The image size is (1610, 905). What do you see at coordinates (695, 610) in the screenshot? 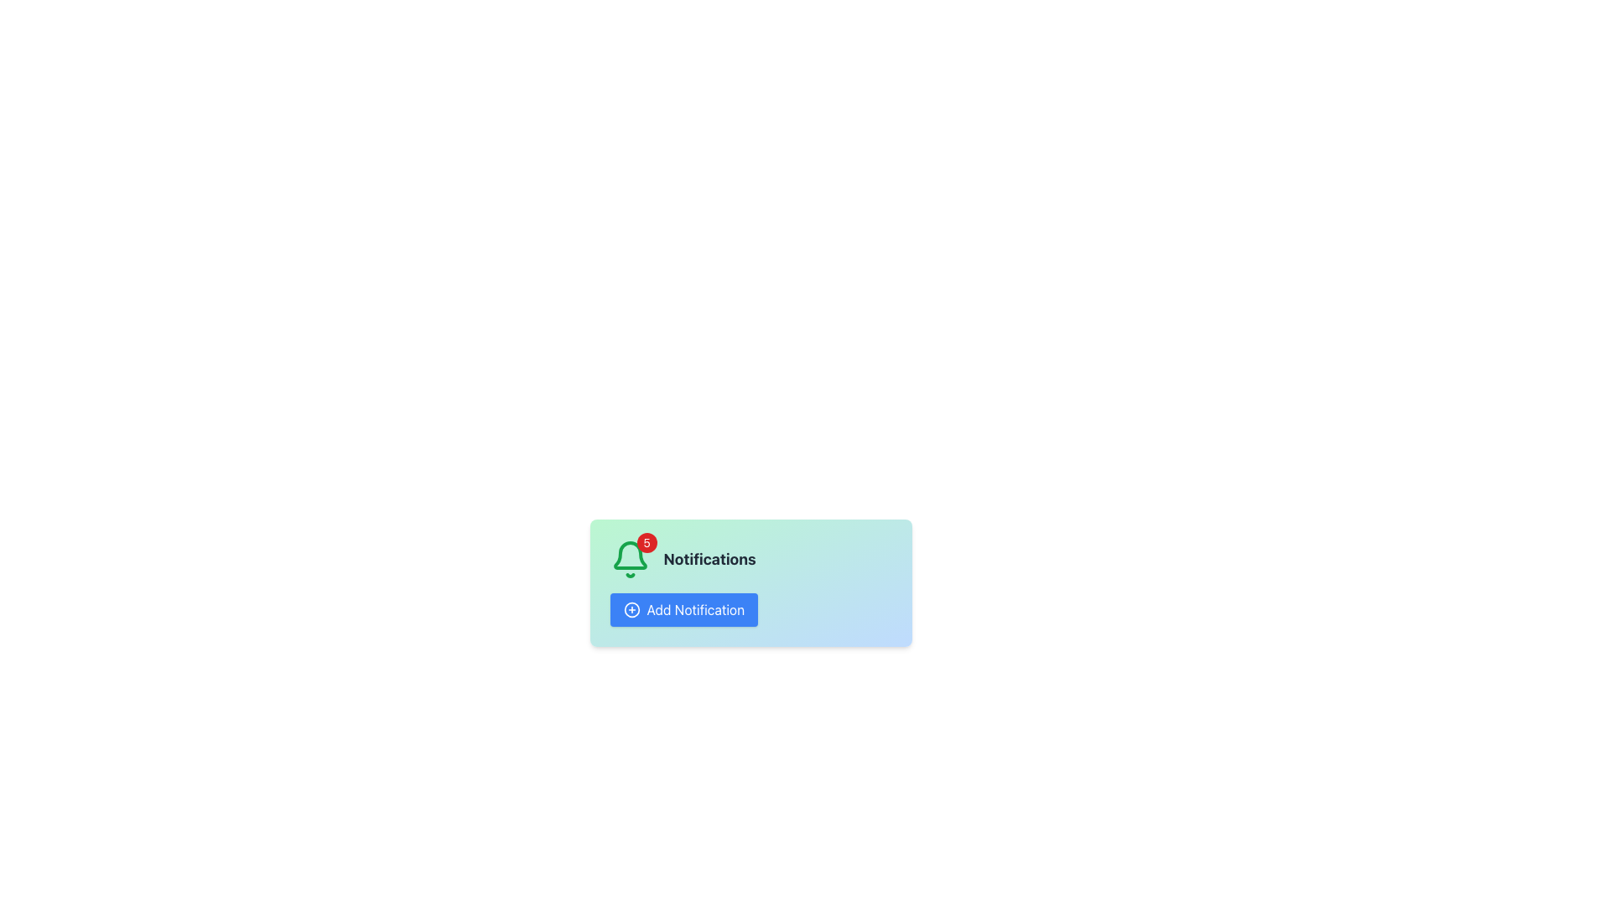
I see `the 'Add Notification' label located on the blue button at the bottom-right corner of the notification panel to initiate the add notification action` at bounding box center [695, 610].